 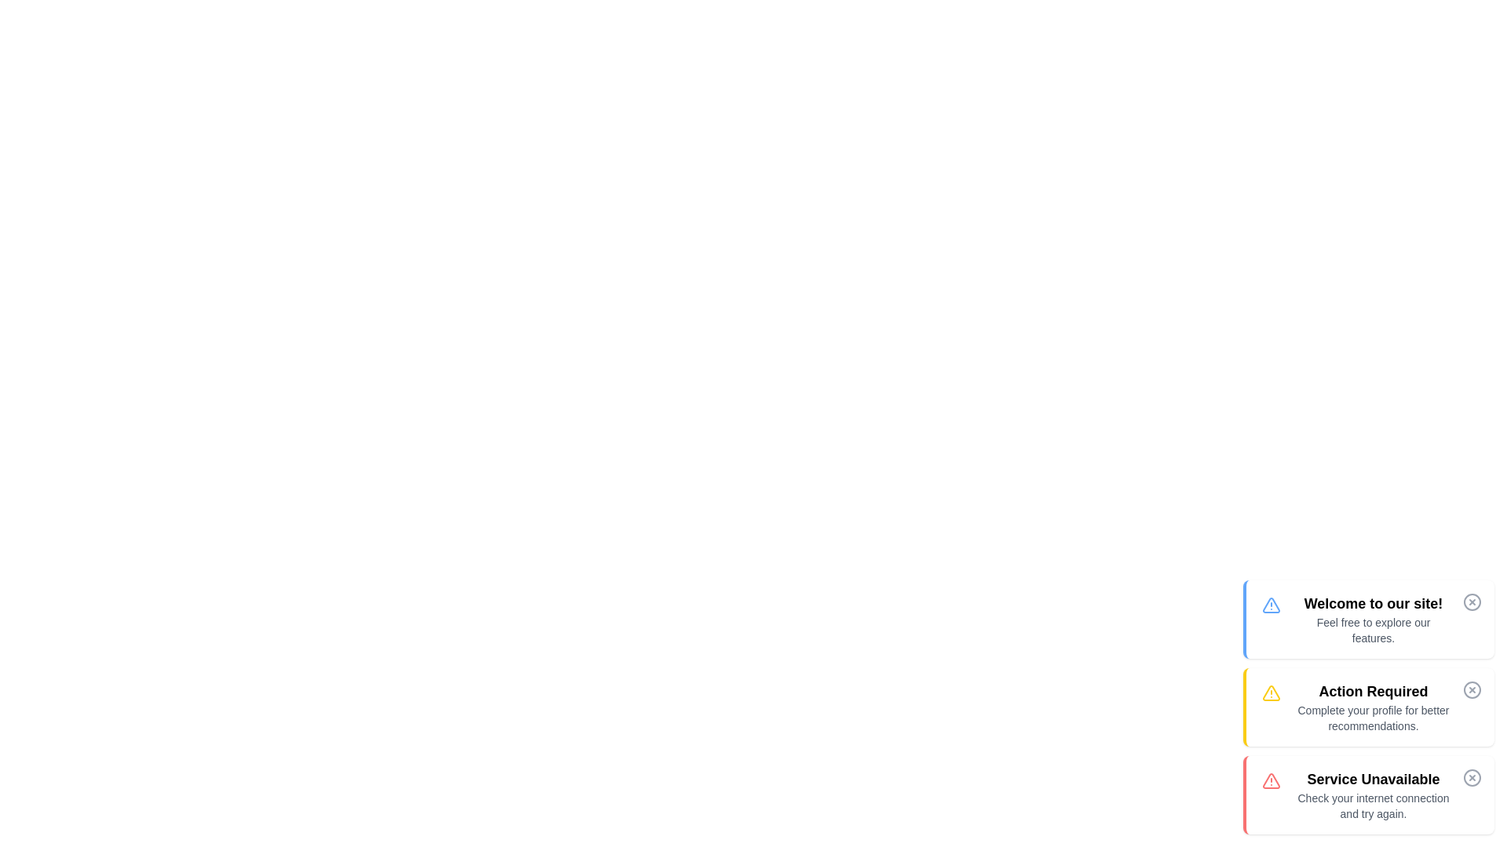 I want to click on the Text Display element that provides additional descriptive information following the main title 'Welcome to our site!' located in the notification card on the right-hand side panel, so click(x=1373, y=629).